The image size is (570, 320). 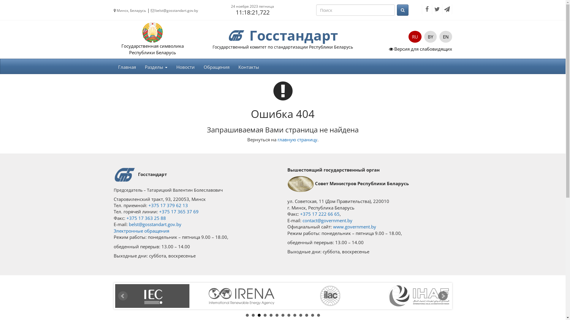 What do you see at coordinates (276, 315) in the screenshot?
I see `'6'` at bounding box center [276, 315].